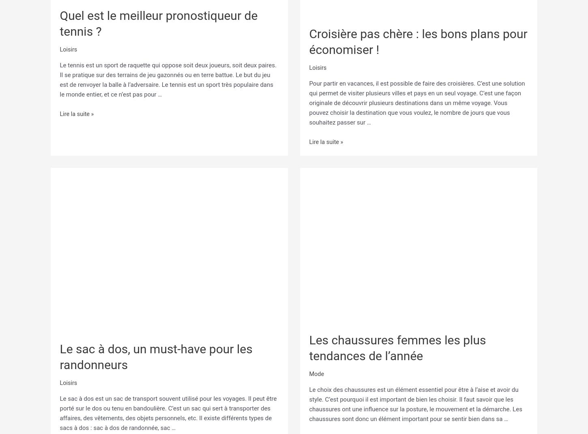  What do you see at coordinates (309, 402) in the screenshot?
I see `'Le choix des chaussures est un élément essentiel pour être à l’aise et avoir du style. C’est pourquoi il est important de bien les choisir. Il faut savoir que les chaussures ont une influence sur la posture, le mouvement et la démarche. Les chaussures sont donc un élément important pour se sentir bien dans sa …'` at bounding box center [309, 402].